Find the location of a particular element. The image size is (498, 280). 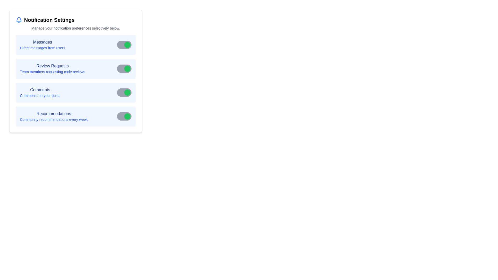

the third toggle switch for notifications, which has a green circular handle on the right side of a gray oval track is located at coordinates (124, 92).